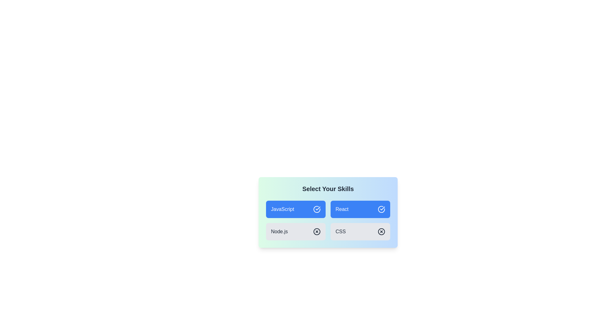 The image size is (596, 335). What do you see at coordinates (360, 232) in the screenshot?
I see `the skill item CSS by clicking on it` at bounding box center [360, 232].